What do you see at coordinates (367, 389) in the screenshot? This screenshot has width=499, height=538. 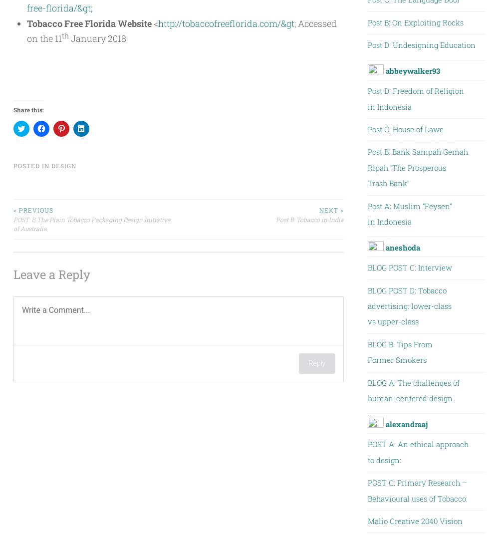 I see `'BLOG A: The challenges of human-centered design'` at bounding box center [367, 389].